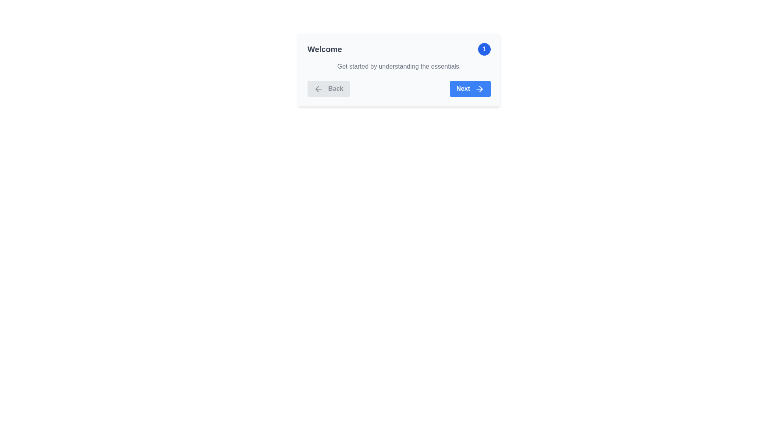 This screenshot has height=426, width=758. Describe the element at coordinates (484, 49) in the screenshot. I see `the numeric indicator badge located to the right of the 'Welcome' title text in the header section of the card` at that location.